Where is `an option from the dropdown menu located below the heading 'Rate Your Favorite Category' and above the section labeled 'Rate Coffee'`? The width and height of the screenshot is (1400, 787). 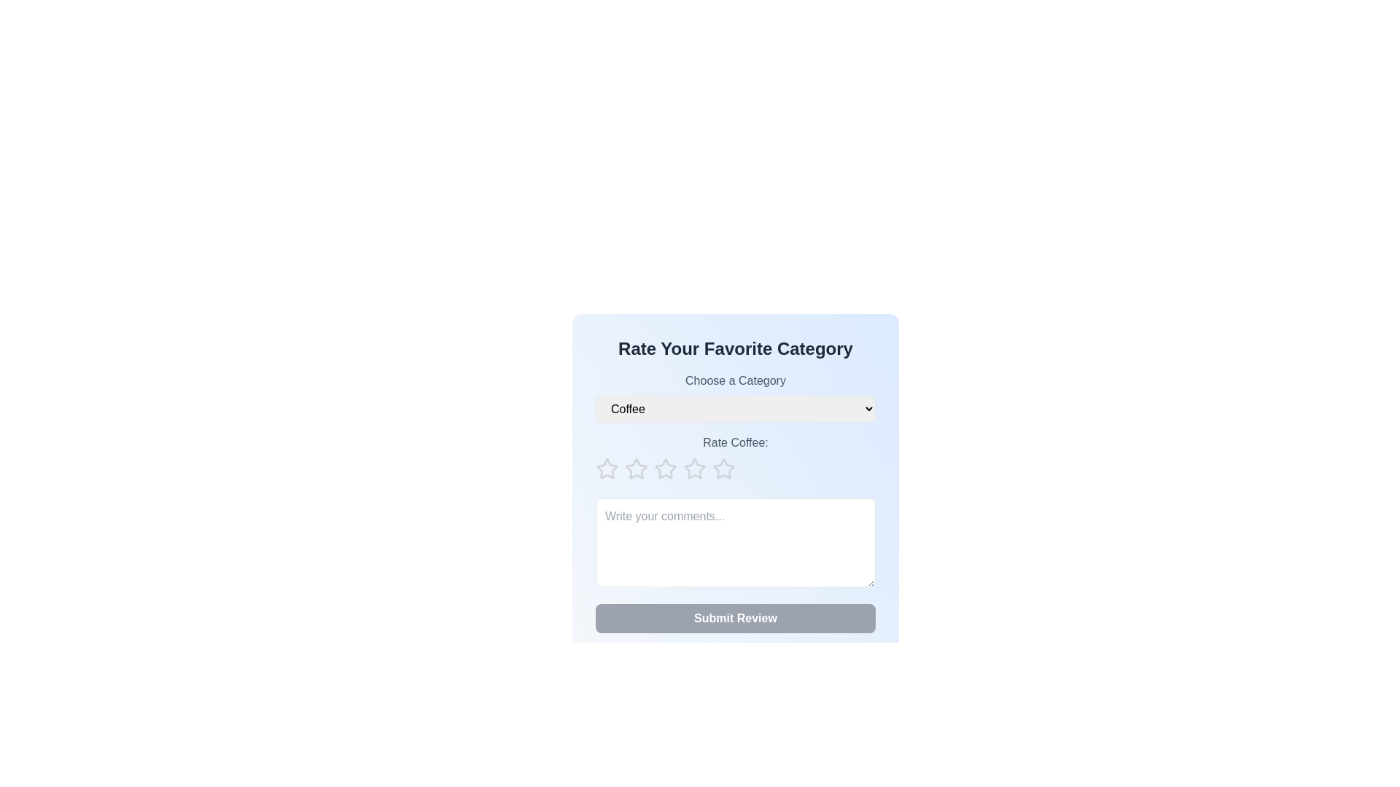
an option from the dropdown menu located below the heading 'Rate Your Favorite Category' and above the section labeled 'Rate Coffee' is located at coordinates (735, 396).